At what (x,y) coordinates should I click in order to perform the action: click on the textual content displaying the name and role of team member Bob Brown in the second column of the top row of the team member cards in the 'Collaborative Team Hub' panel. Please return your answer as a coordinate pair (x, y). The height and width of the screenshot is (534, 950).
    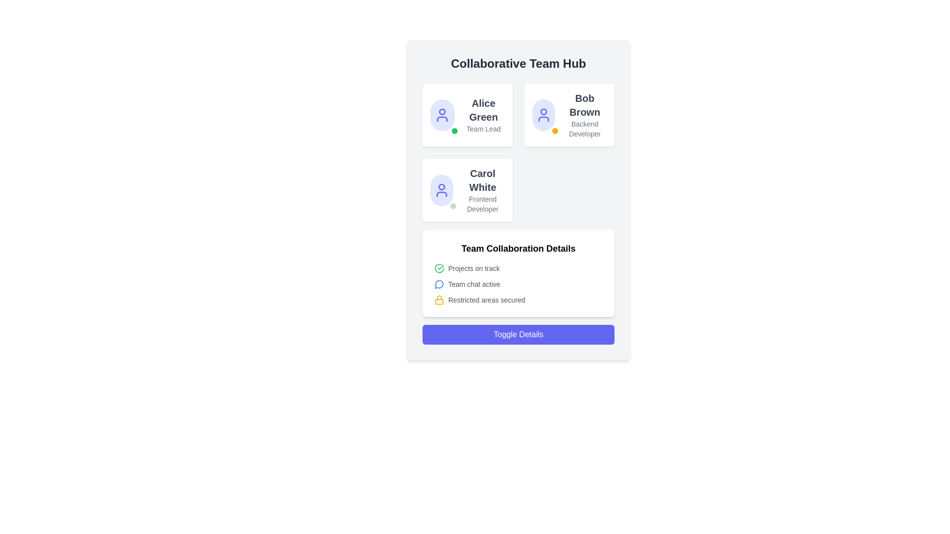
    Looking at the image, I should click on (584, 114).